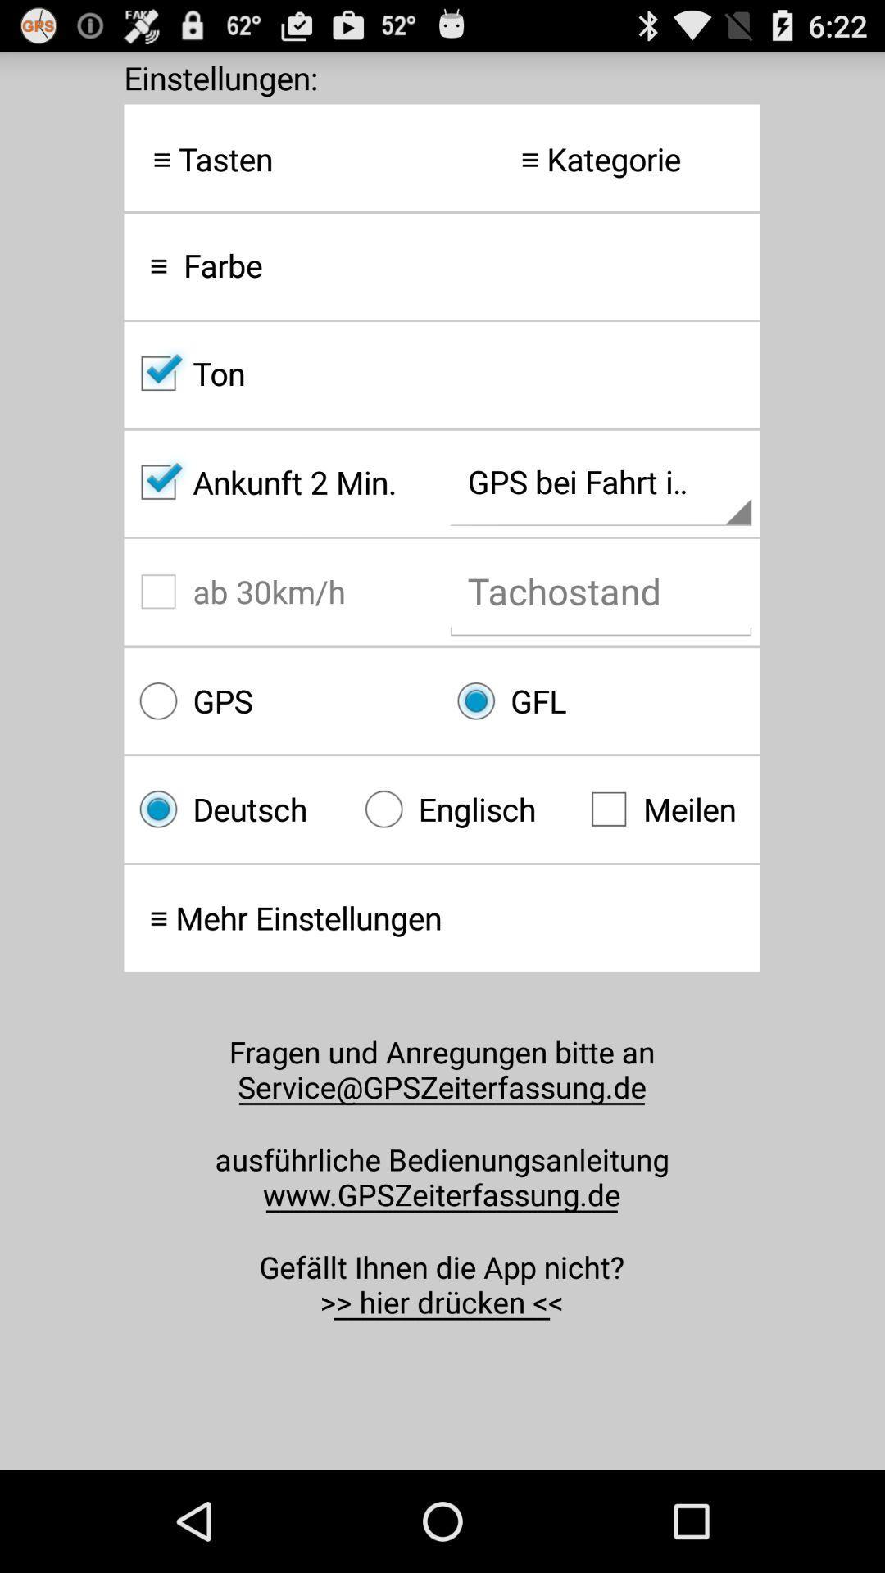  I want to click on item above the ankunft 2 min. icon, so click(441, 373).